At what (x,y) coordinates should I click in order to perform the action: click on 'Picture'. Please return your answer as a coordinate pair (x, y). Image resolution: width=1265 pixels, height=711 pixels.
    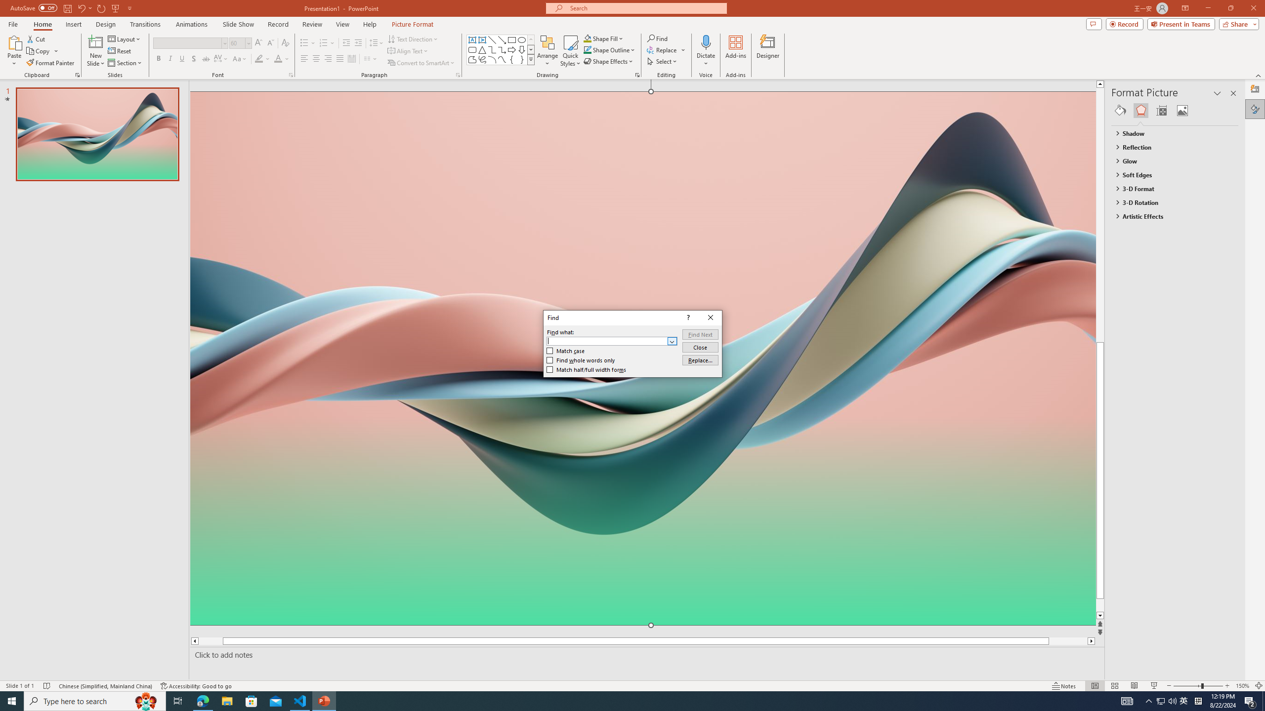
    Looking at the image, I should click on (1182, 110).